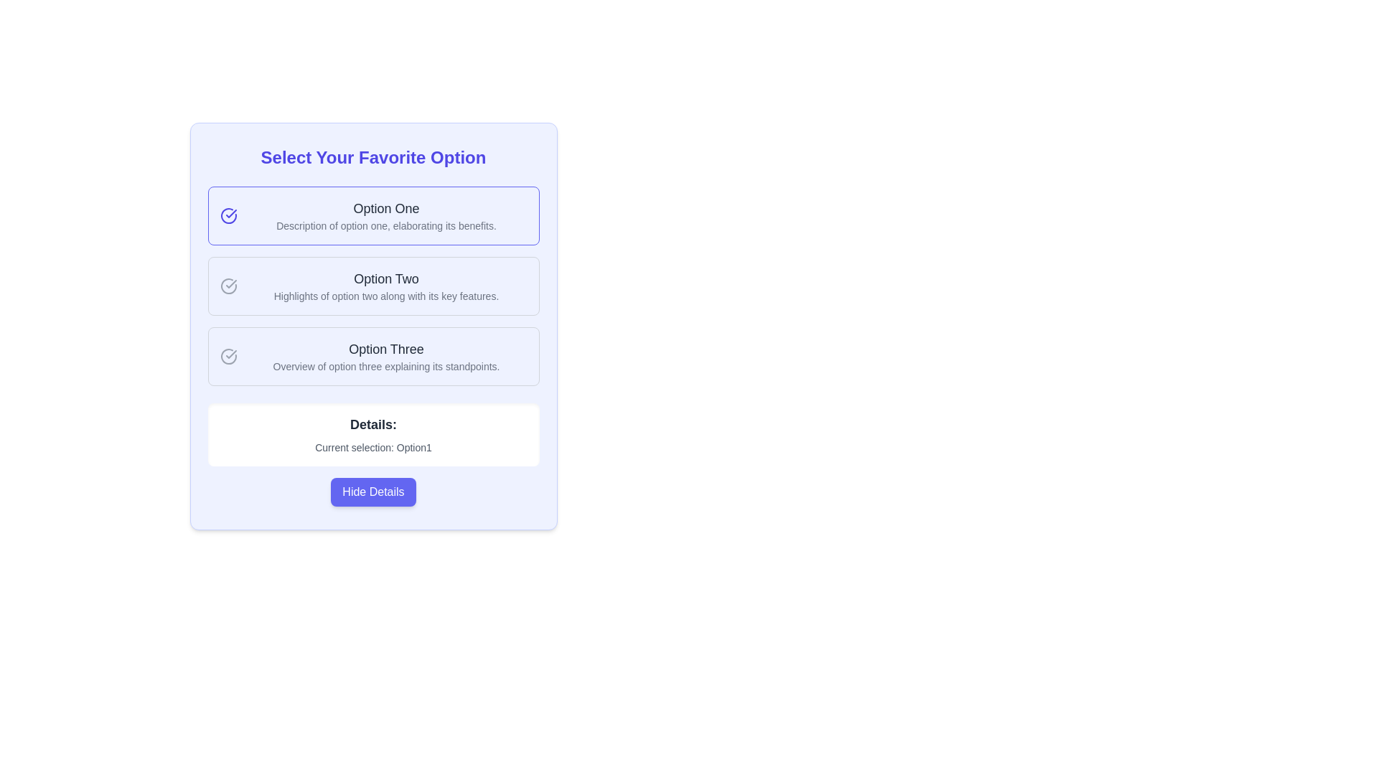 Image resolution: width=1378 pixels, height=775 pixels. Describe the element at coordinates (386, 215) in the screenshot. I see `the first radio option in the list` at that location.